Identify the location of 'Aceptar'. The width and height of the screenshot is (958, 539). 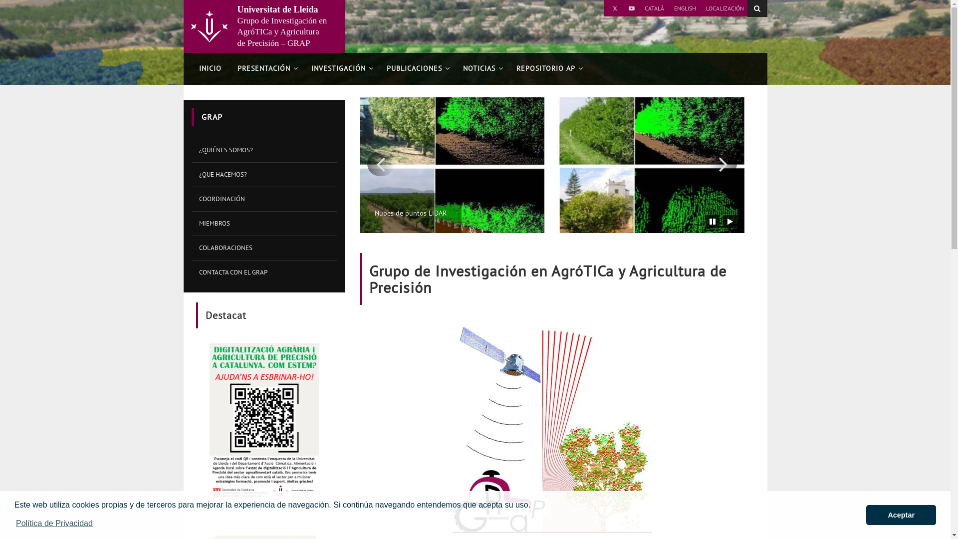
(866, 515).